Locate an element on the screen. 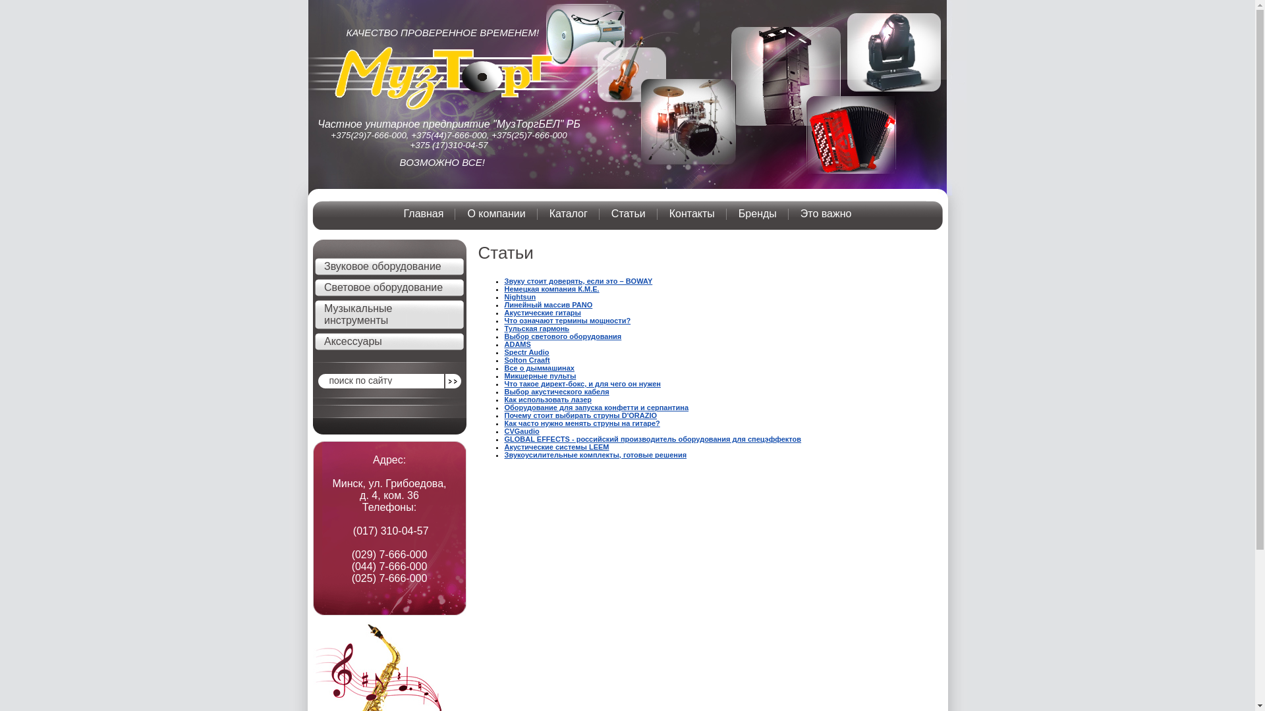 The width and height of the screenshot is (1265, 711). 'Spectr Audio' is located at coordinates (527, 352).